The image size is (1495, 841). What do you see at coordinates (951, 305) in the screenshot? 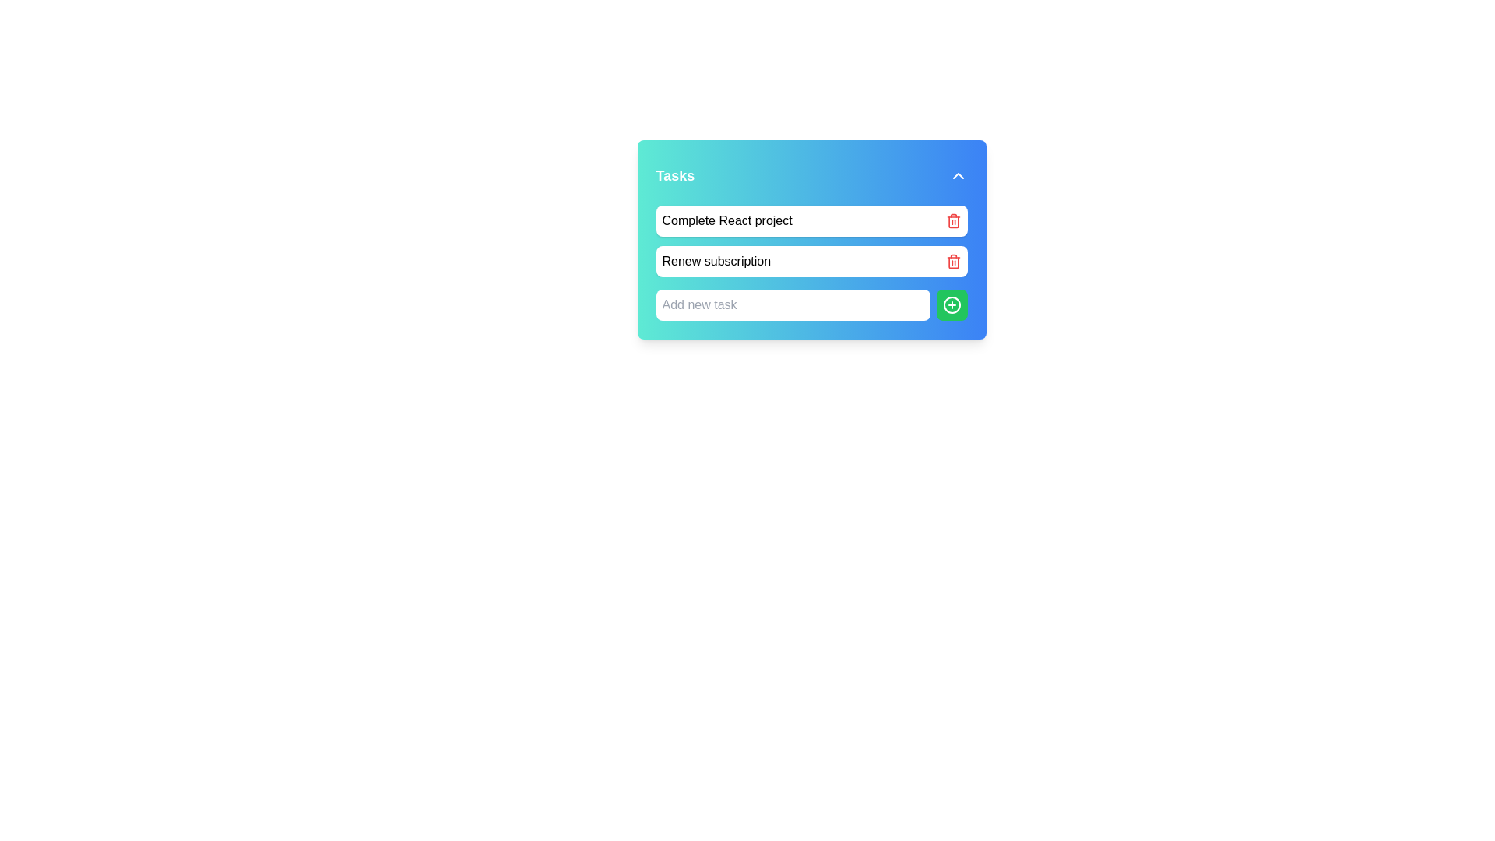
I see `the circular '+' button with a green background located in the bottom-right corner of the card widget` at bounding box center [951, 305].